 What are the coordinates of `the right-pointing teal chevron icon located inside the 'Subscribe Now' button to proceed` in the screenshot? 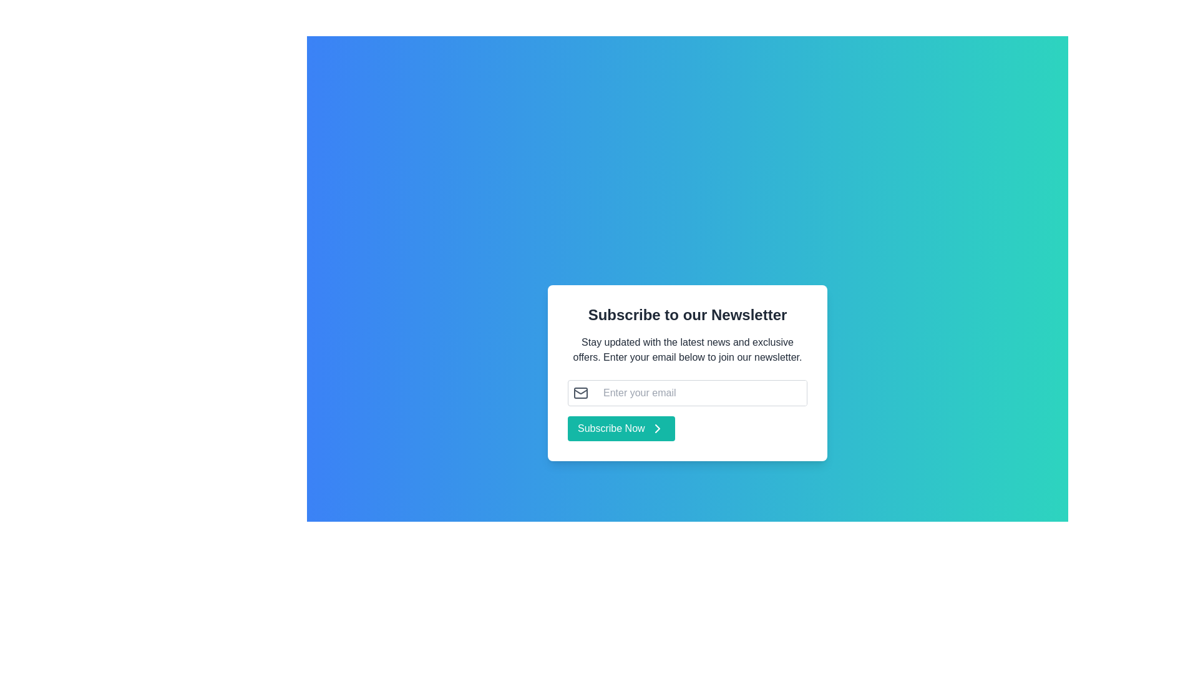 It's located at (656, 427).